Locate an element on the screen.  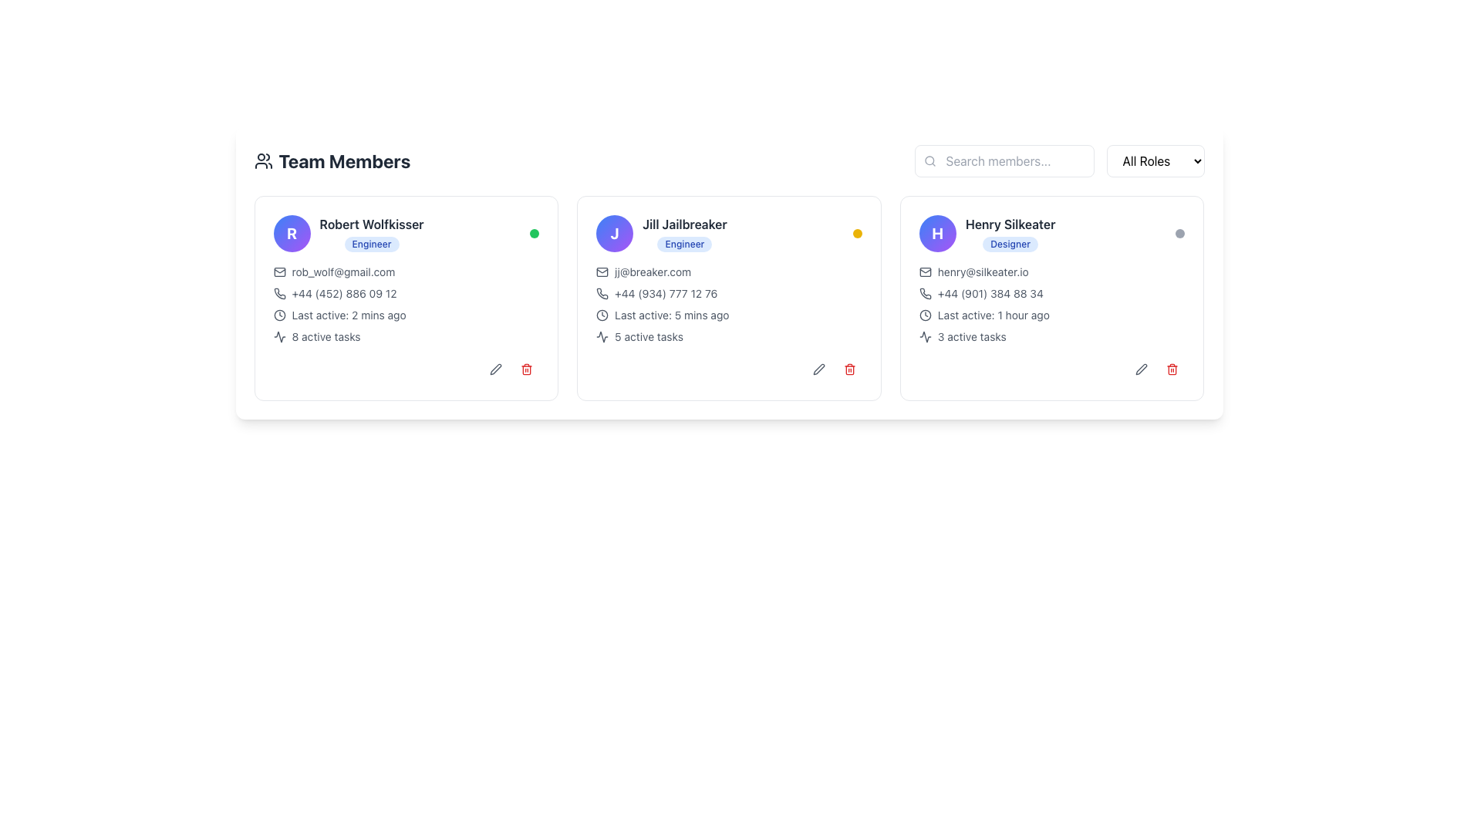
count of active tasks displayed on the text label that shows '3 active tasks' in the bottom-right corner of Henry Silkeater's card is located at coordinates (971, 336).